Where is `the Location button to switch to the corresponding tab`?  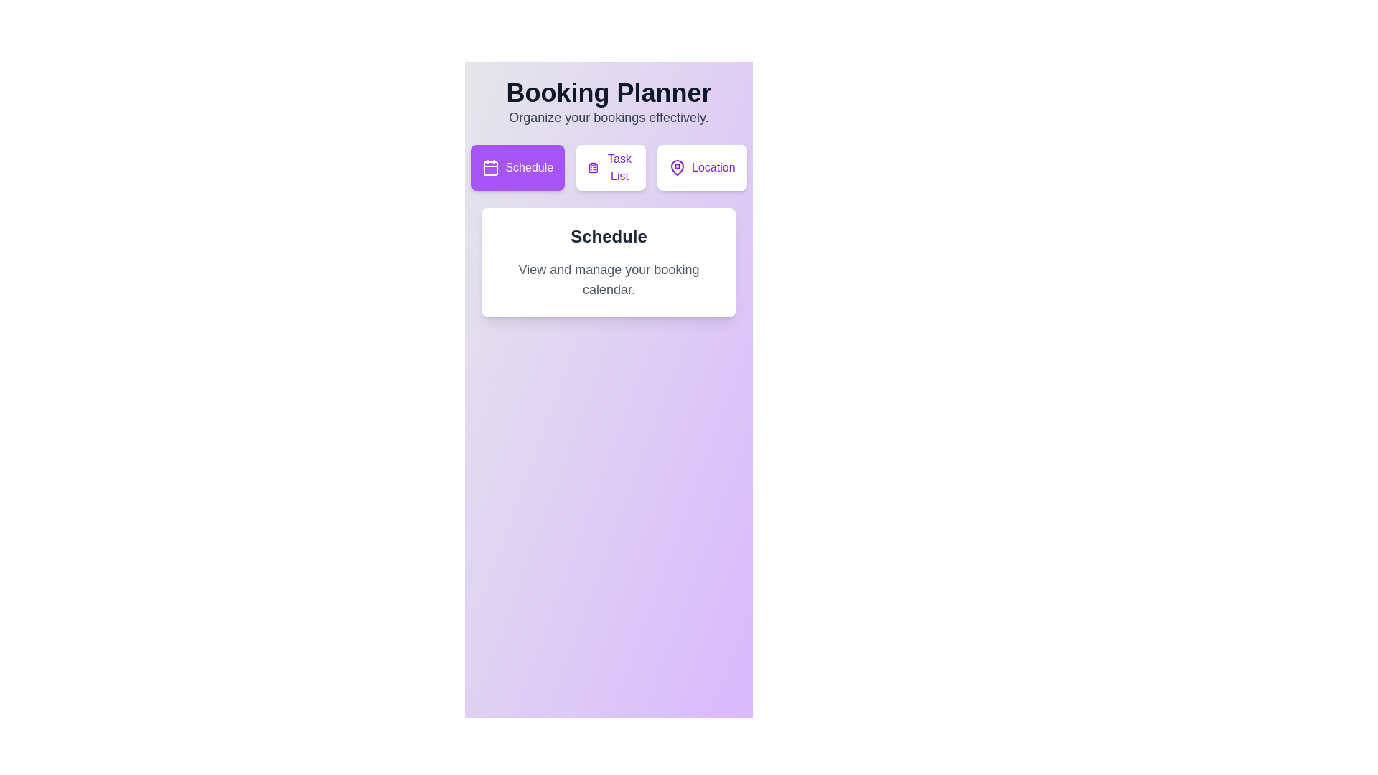
the Location button to switch to the corresponding tab is located at coordinates (702, 167).